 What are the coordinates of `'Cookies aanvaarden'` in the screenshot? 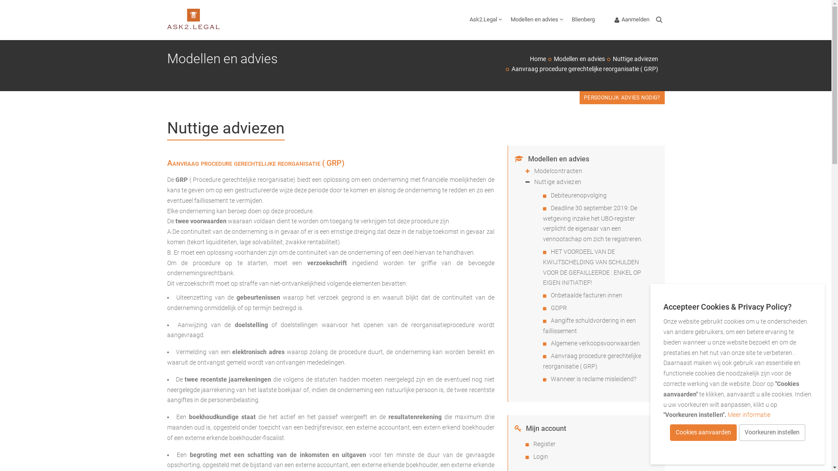 It's located at (703, 432).